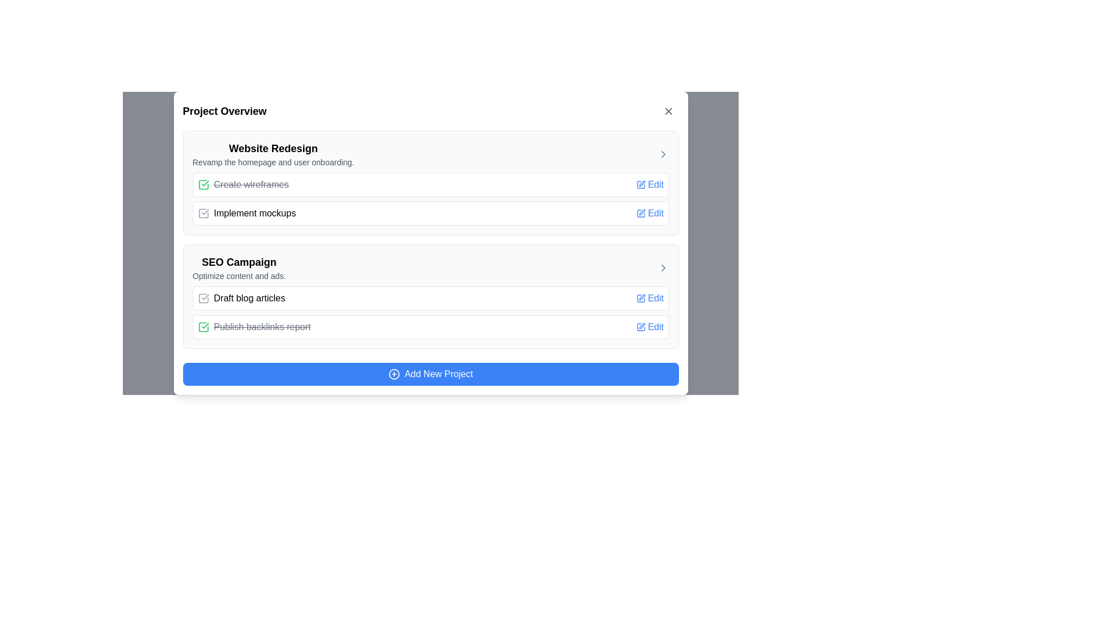 The width and height of the screenshot is (1102, 620). What do you see at coordinates (641, 325) in the screenshot?
I see `the pen icon located within the edit button on the right-hand side of the project task row` at bounding box center [641, 325].